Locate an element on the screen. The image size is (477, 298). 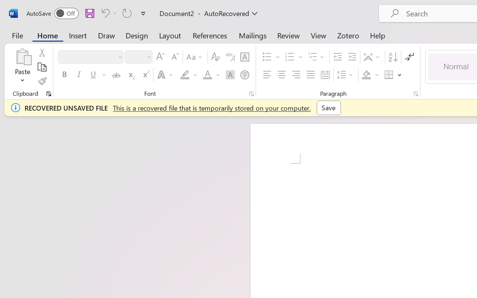
'Can' is located at coordinates (104, 13).